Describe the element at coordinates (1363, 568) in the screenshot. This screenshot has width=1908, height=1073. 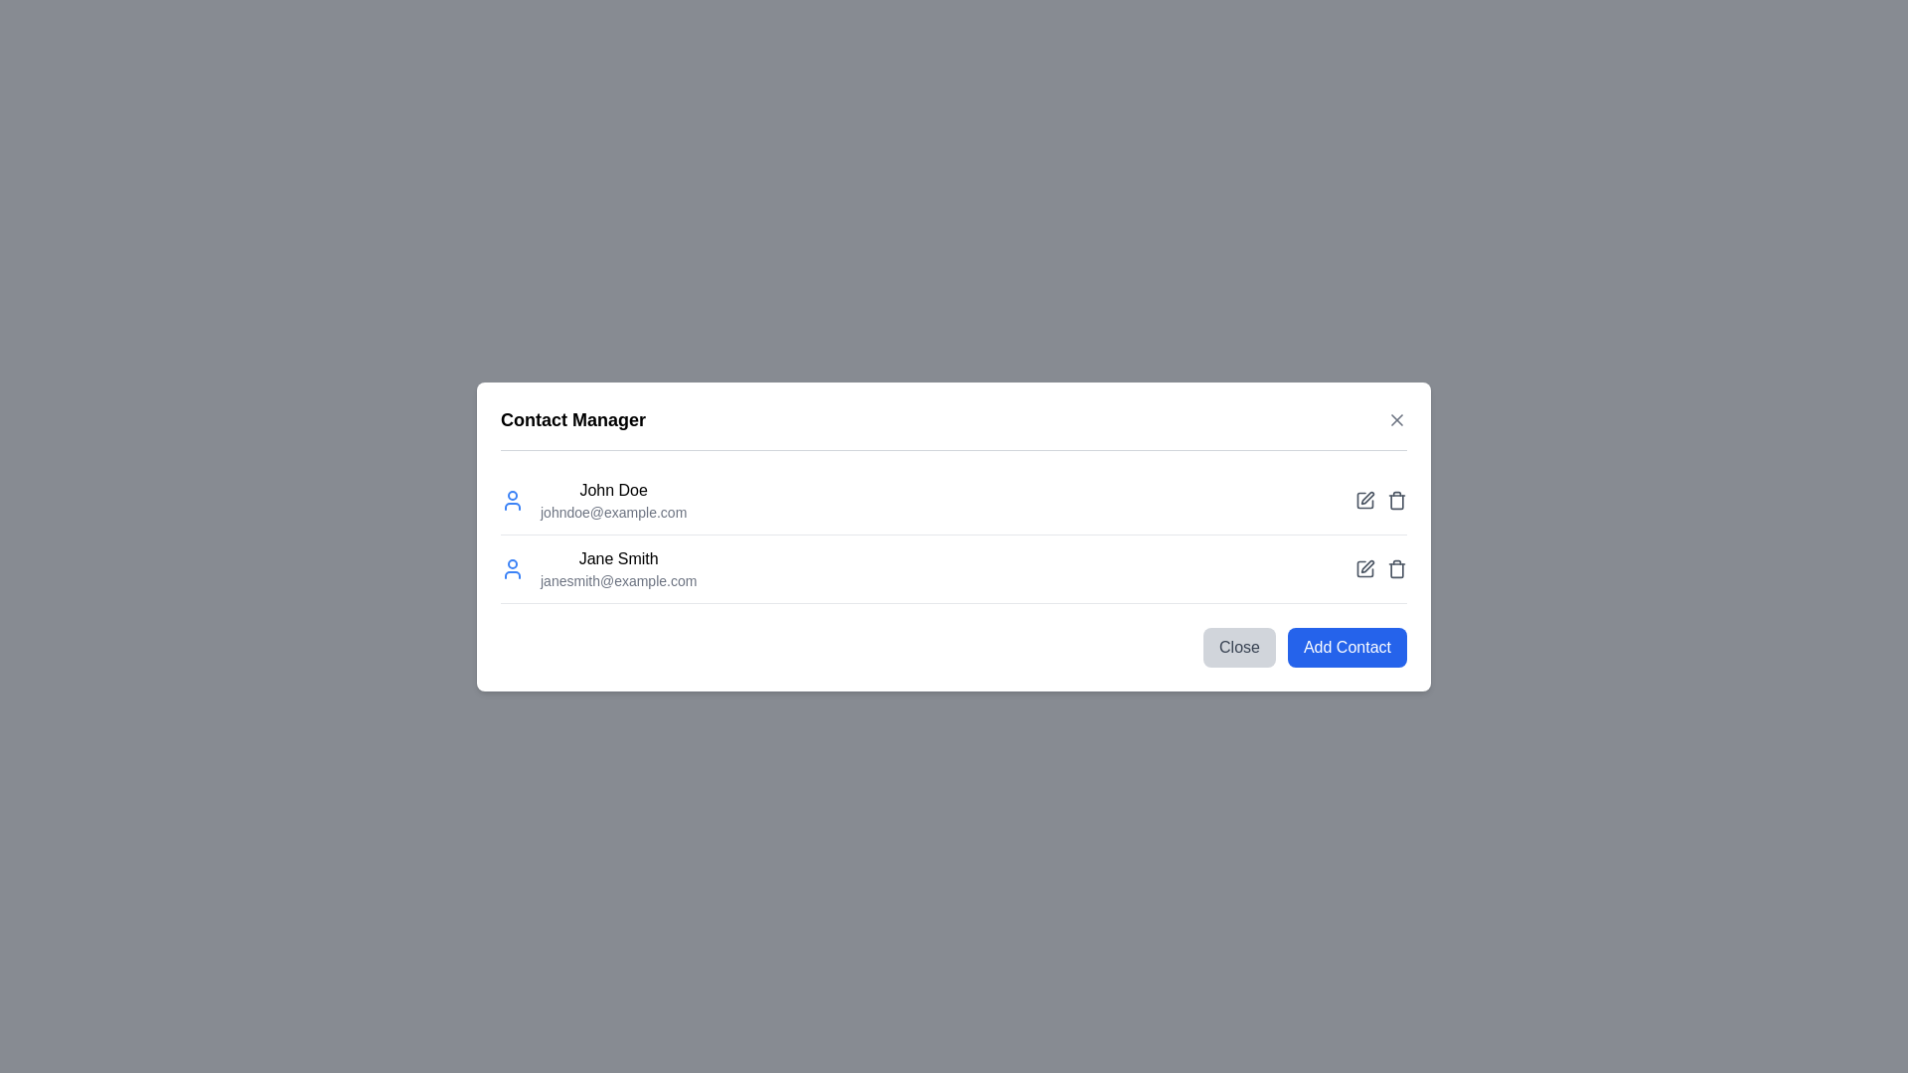
I see `the pen-shaped icon in gray that changes to green on hover, located on the right side of the entry for 'Jane Smith', to initiate editing the contact` at that location.